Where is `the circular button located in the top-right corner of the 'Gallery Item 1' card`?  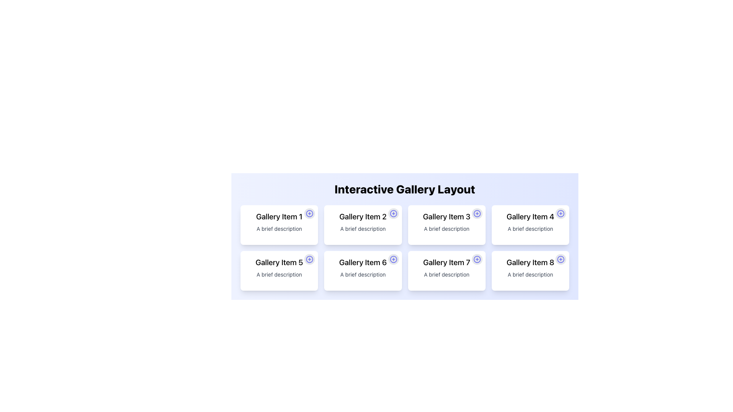
the circular button located in the top-right corner of the 'Gallery Item 1' card is located at coordinates (310, 213).